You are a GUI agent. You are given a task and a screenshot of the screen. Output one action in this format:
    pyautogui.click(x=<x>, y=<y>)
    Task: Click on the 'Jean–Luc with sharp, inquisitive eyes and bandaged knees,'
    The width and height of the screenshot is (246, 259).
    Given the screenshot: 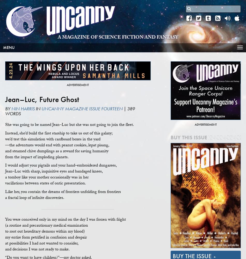 What is the action you would take?
    pyautogui.click(x=5, y=172)
    